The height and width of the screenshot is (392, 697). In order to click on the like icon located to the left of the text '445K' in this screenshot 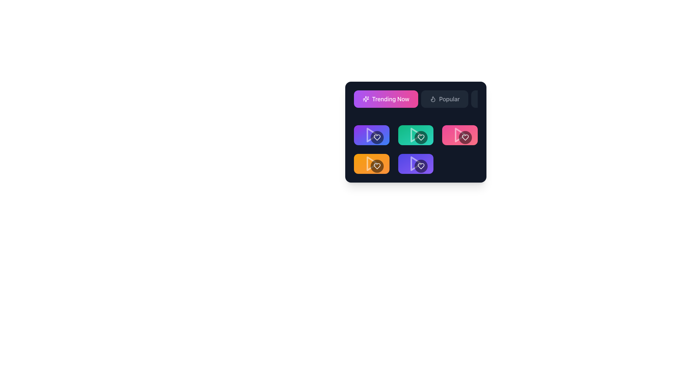, I will do `click(456, 132)`.